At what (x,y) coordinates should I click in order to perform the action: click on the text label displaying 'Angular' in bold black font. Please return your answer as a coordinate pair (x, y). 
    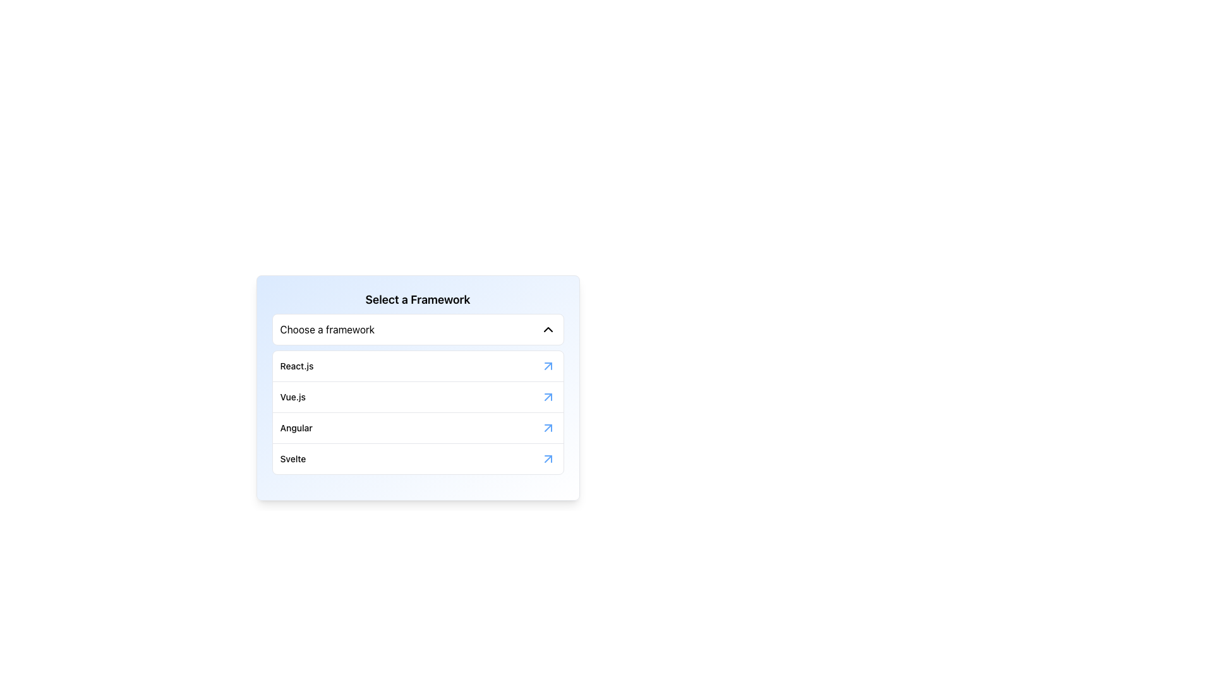
    Looking at the image, I should click on (296, 428).